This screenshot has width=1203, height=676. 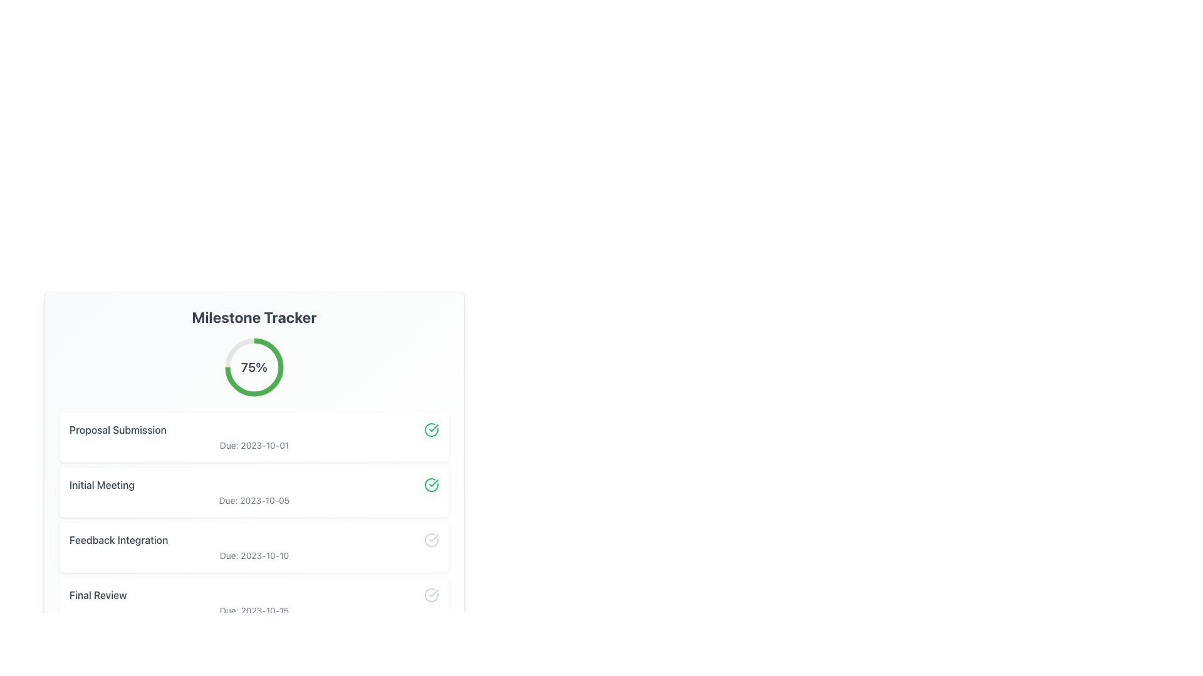 What do you see at coordinates (254, 436) in the screenshot?
I see `the due date text of the first Card element in the Milestone Tracker section` at bounding box center [254, 436].